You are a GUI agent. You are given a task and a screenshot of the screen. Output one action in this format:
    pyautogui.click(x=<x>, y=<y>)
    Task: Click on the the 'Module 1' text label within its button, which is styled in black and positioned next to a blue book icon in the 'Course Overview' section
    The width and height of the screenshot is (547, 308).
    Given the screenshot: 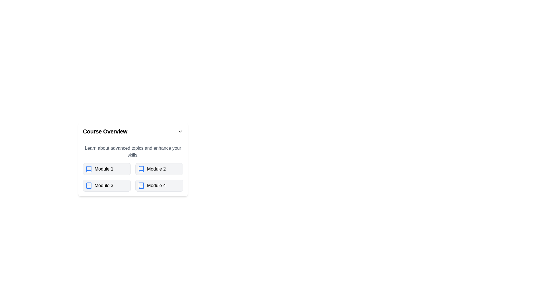 What is the action you would take?
    pyautogui.click(x=104, y=169)
    